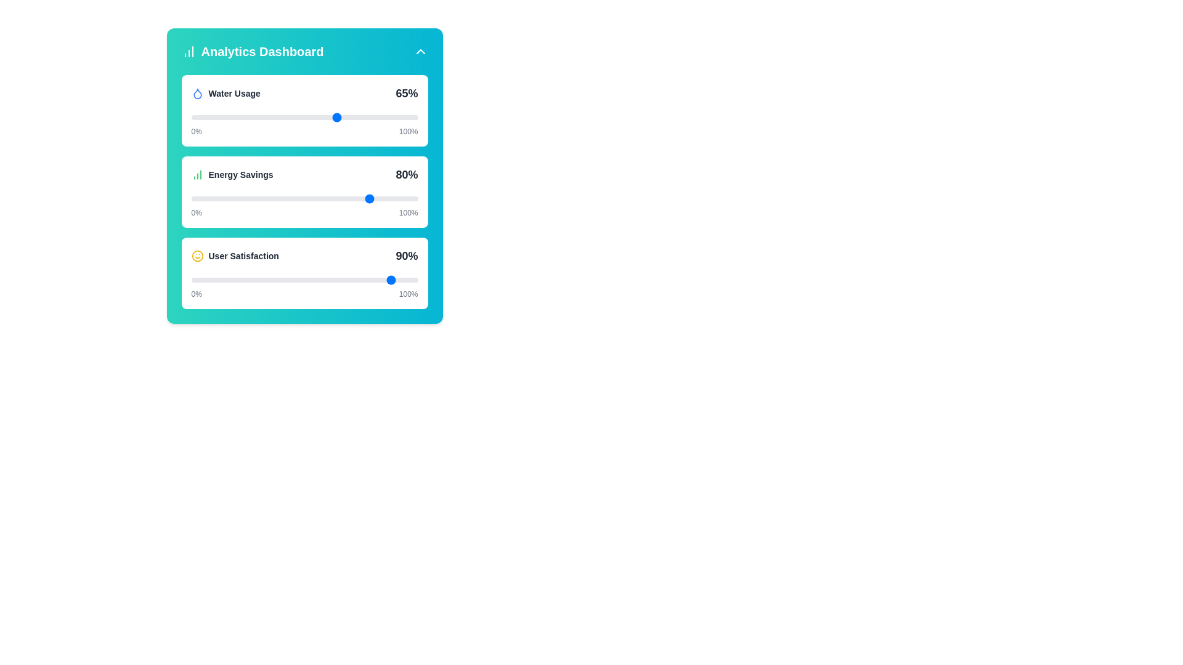 Image resolution: width=1183 pixels, height=665 pixels. I want to click on user satisfaction, so click(281, 280).